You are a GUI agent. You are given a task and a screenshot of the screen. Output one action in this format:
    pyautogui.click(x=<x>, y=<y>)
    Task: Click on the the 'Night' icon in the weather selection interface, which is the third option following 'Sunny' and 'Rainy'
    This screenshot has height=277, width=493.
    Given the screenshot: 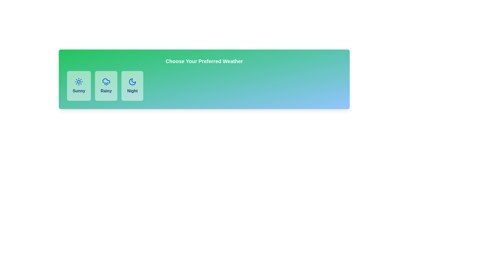 What is the action you would take?
    pyautogui.click(x=132, y=82)
    